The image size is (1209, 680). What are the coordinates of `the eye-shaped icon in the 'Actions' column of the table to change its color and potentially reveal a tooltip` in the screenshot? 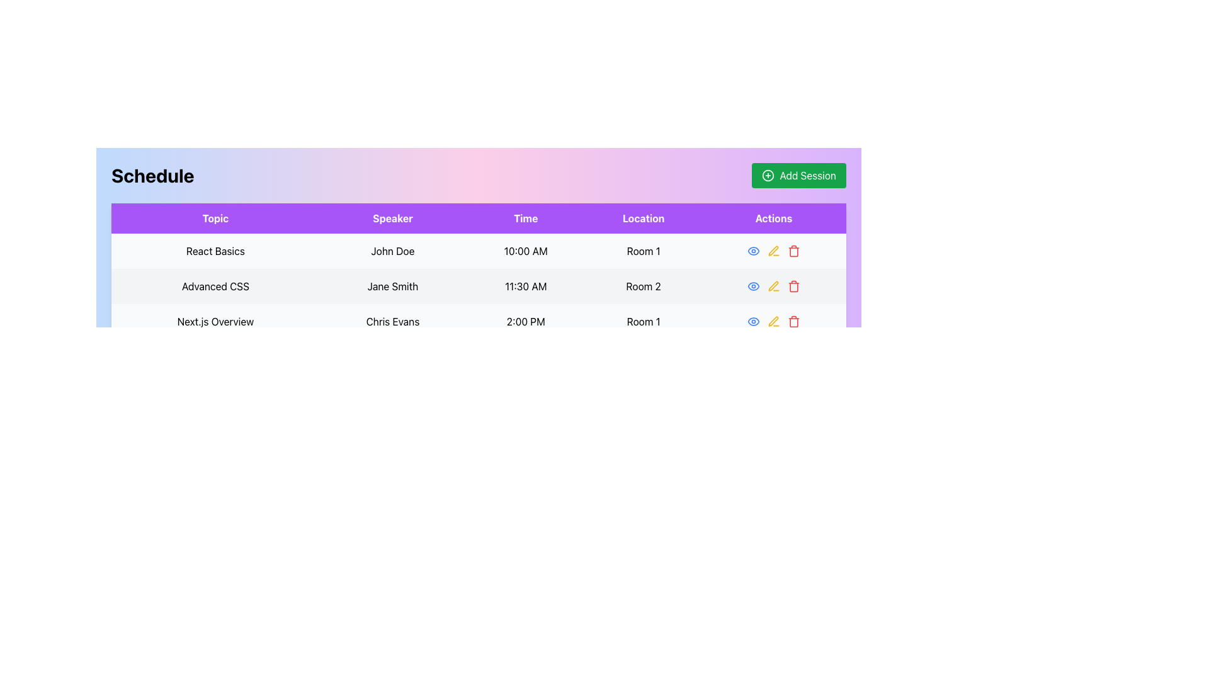 It's located at (753, 286).